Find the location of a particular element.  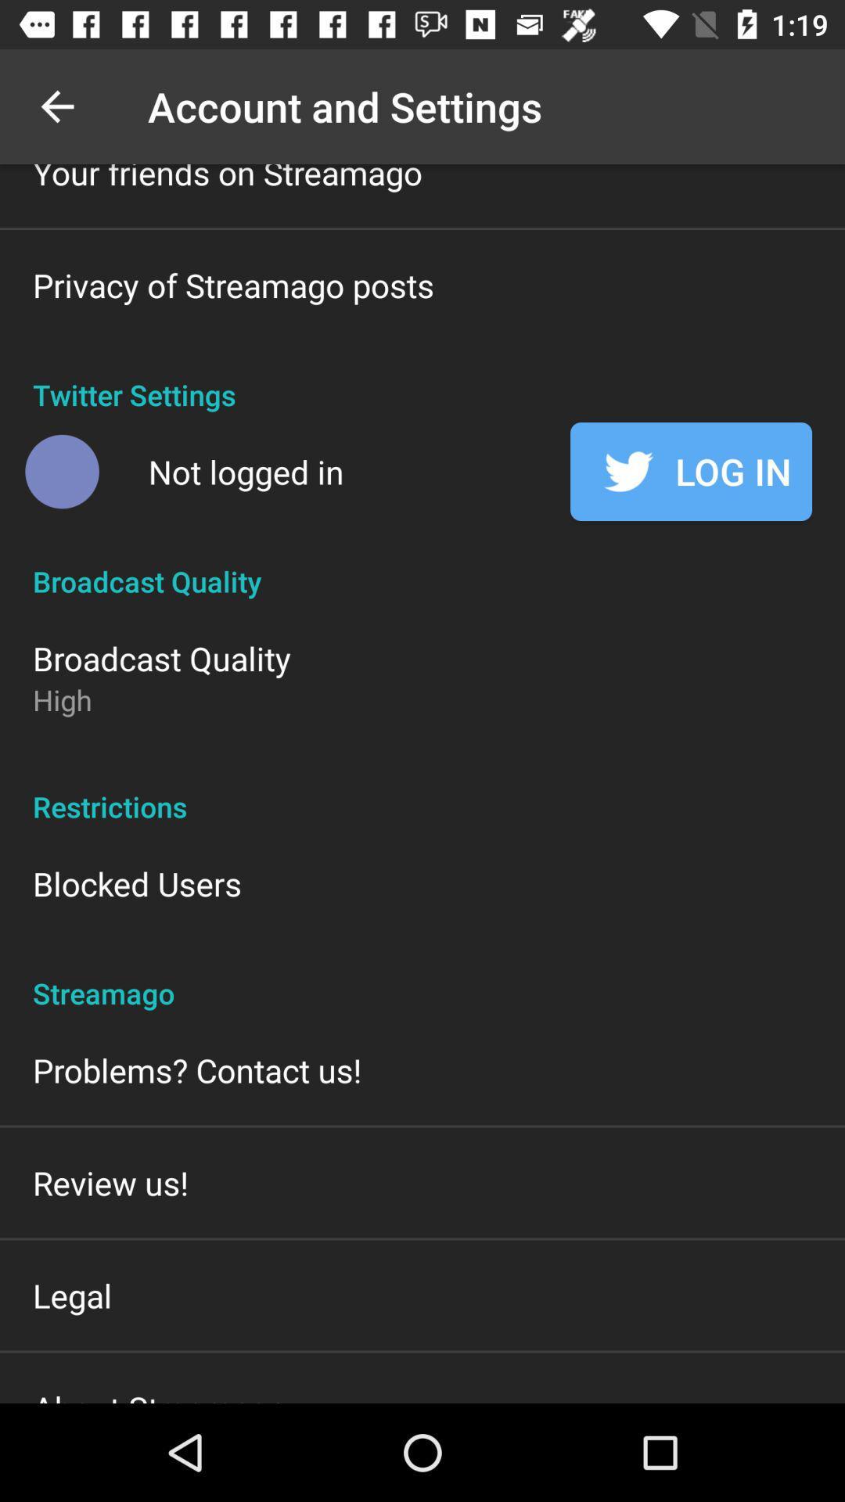

item above the restrictions item is located at coordinates (61, 699).